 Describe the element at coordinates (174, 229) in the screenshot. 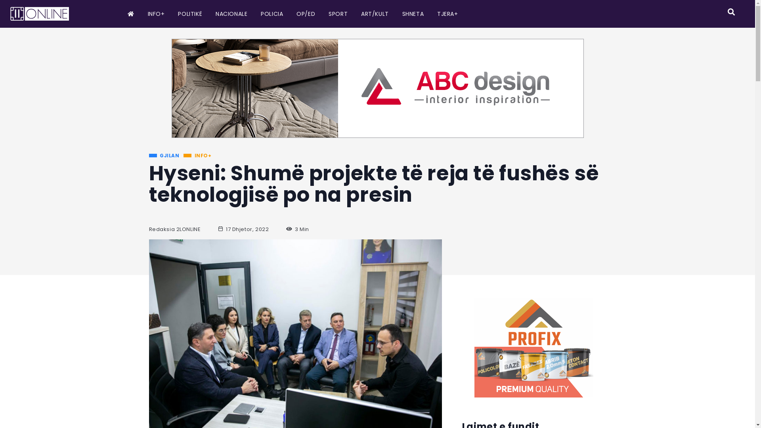

I see `'Redaksia 2LONLINE'` at that location.